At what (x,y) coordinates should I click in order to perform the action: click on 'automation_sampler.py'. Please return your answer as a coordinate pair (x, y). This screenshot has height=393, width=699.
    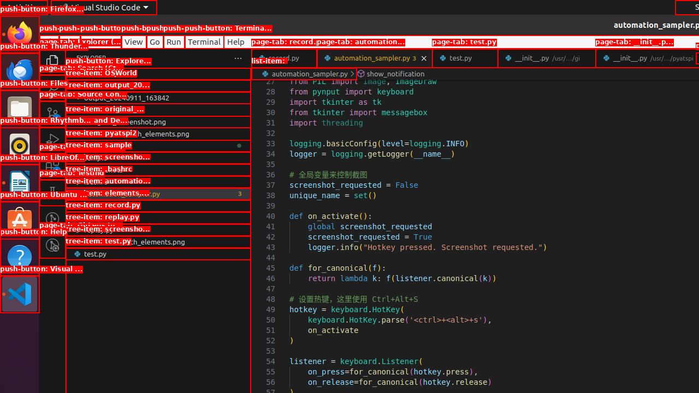
    Looking at the image, I should click on (374, 58).